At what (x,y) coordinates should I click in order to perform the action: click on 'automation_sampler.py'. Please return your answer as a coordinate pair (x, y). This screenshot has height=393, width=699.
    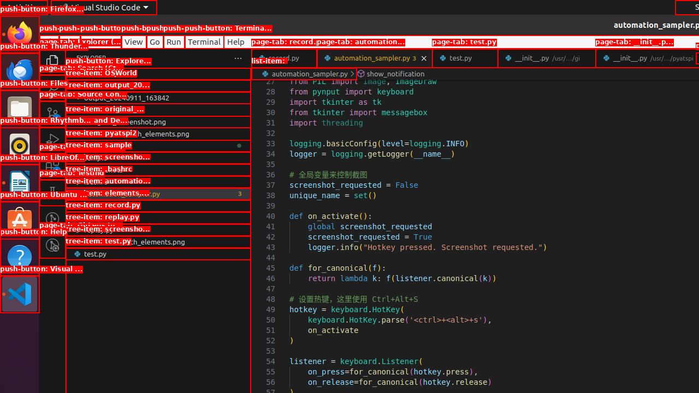
    Looking at the image, I should click on (374, 58).